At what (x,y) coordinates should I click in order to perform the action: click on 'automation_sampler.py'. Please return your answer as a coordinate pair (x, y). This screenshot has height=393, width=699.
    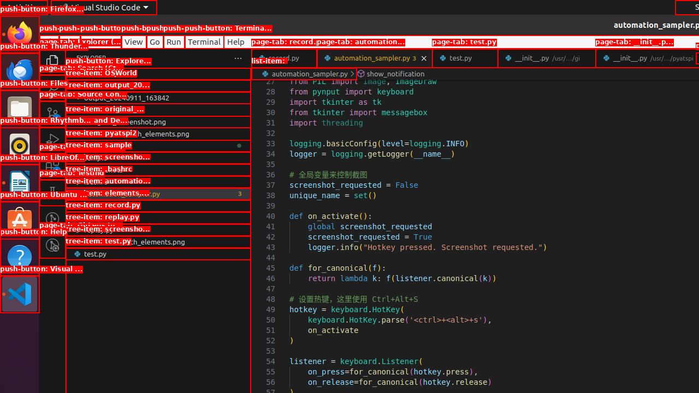
    Looking at the image, I should click on (374, 58).